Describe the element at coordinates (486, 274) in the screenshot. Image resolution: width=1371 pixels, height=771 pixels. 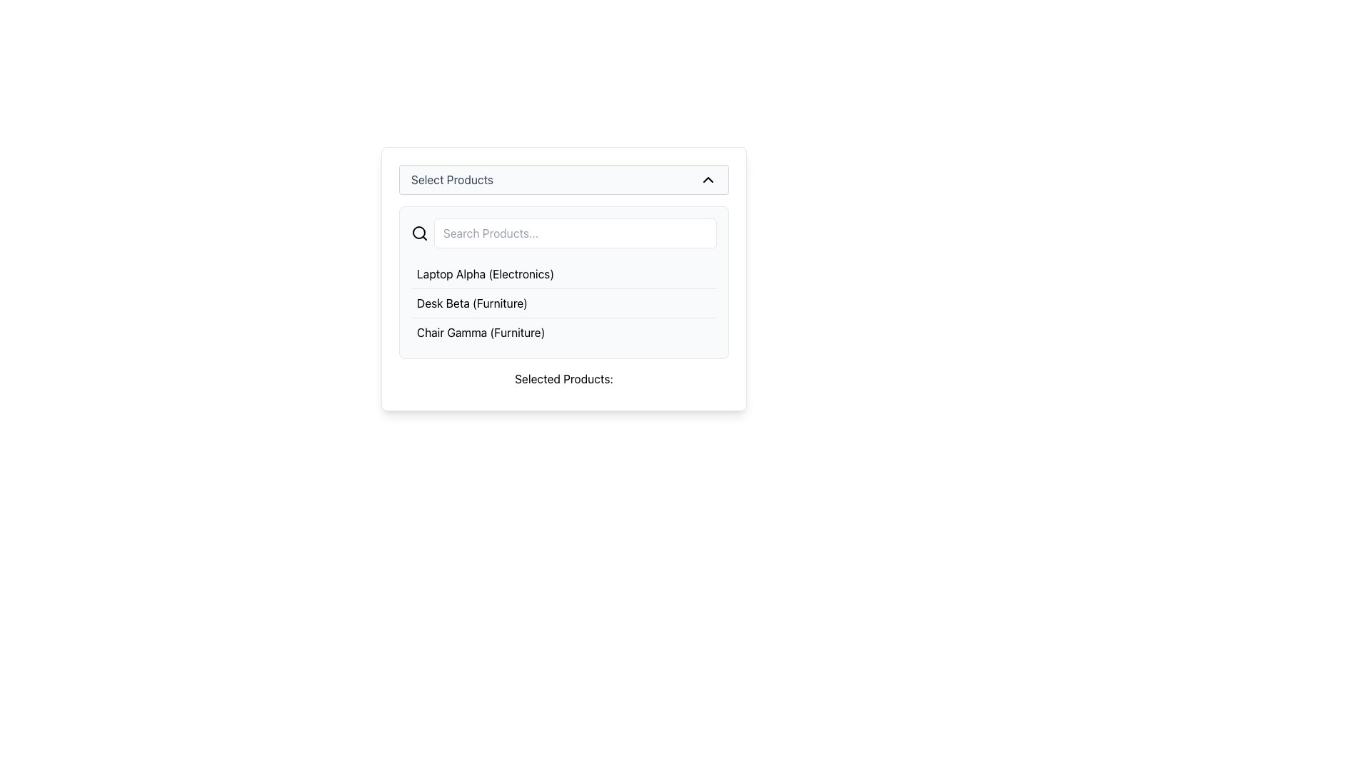
I see `the first selectable text item in the dropdown menu located beneath the search bar` at that location.